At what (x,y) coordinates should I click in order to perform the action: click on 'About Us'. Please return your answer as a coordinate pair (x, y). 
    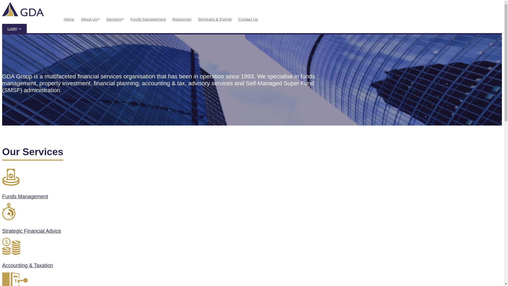
    Looking at the image, I should click on (89, 19).